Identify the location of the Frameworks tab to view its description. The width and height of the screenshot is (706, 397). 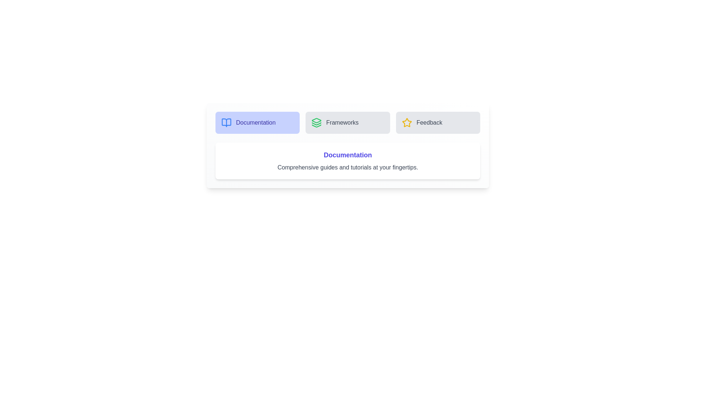
(347, 122).